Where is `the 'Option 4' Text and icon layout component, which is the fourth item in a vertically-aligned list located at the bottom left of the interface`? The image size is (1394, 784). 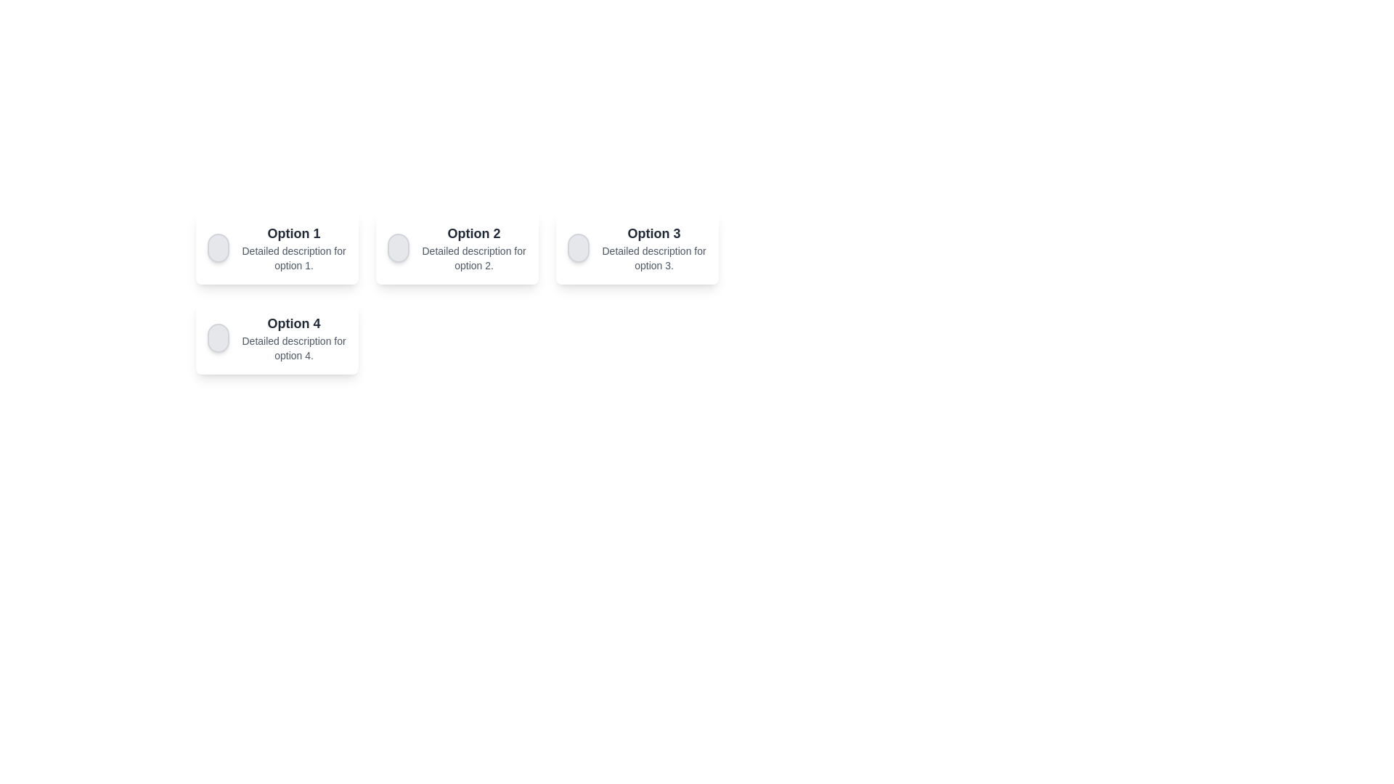 the 'Option 4' Text and icon layout component, which is the fourth item in a vertically-aligned list located at the bottom left of the interface is located at coordinates (277, 338).